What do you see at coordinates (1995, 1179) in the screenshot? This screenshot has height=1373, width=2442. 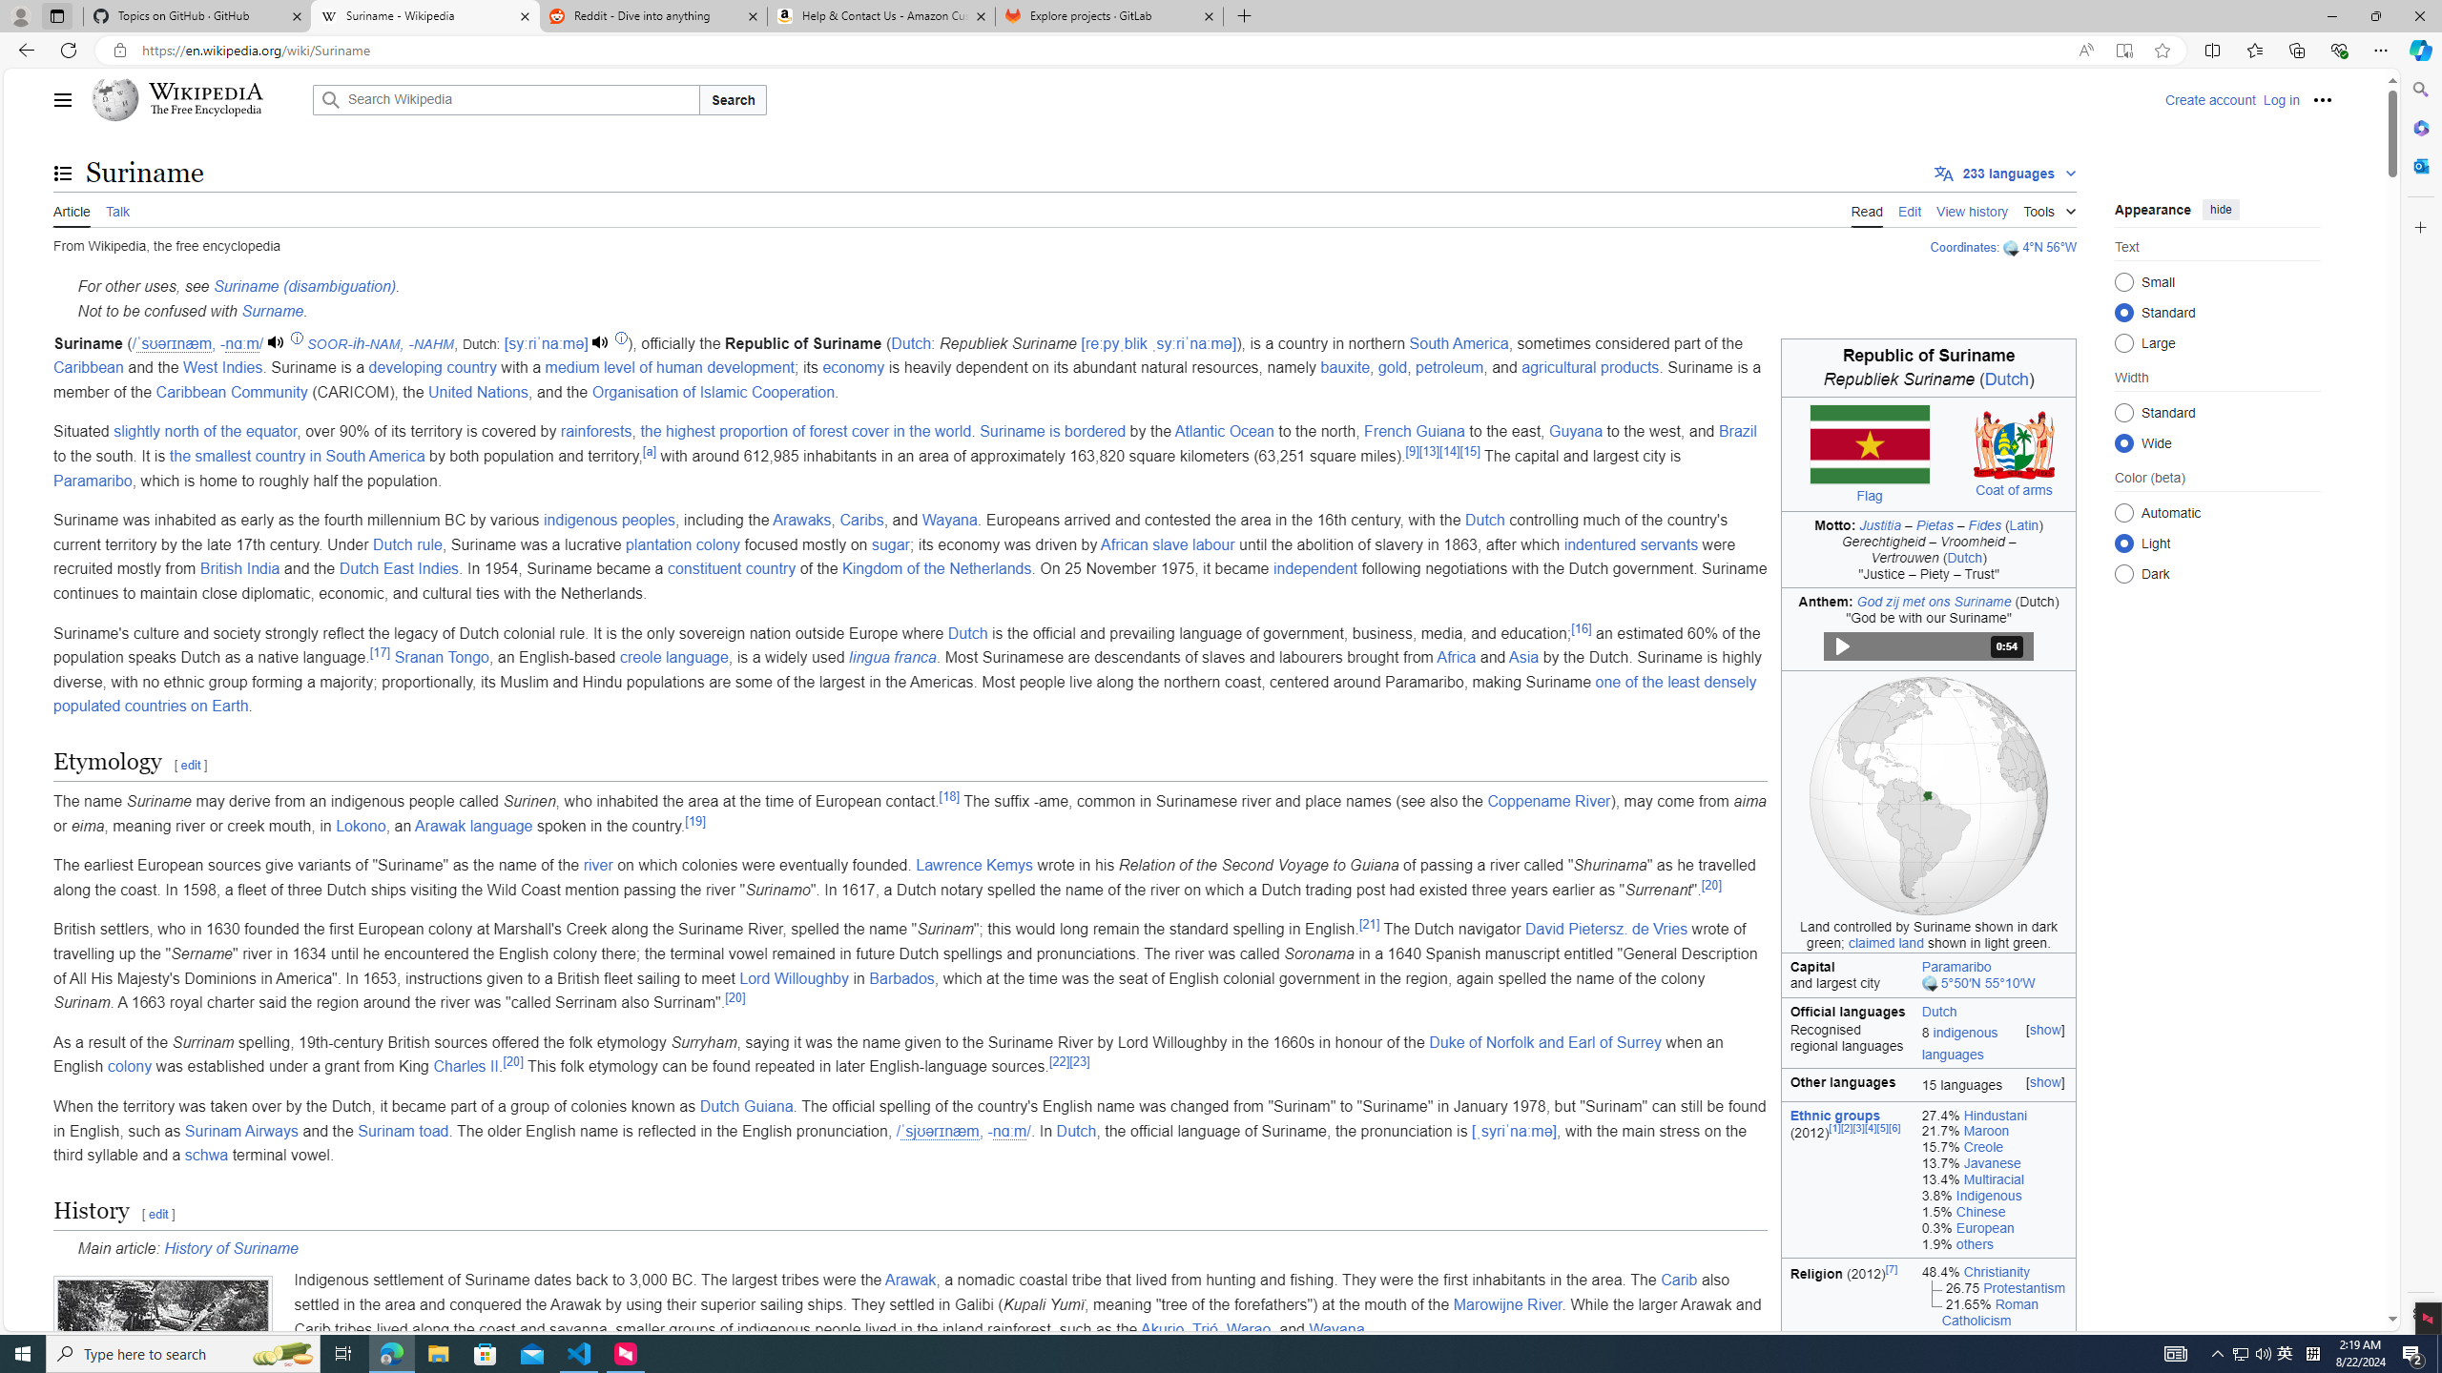 I see `'13.4% Multiracial'` at bounding box center [1995, 1179].